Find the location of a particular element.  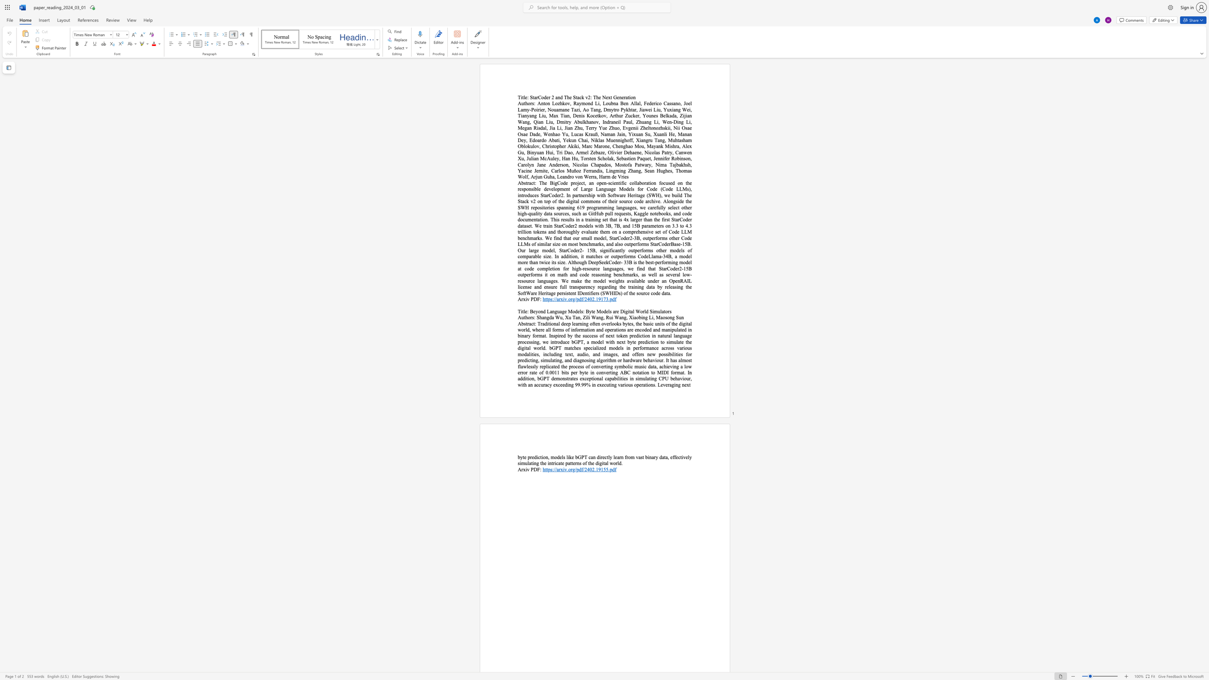

the subset text "rld Simula" within the text "Beyond Language Models: Byte Models are Digital World Simulators" is located at coordinates (642, 311).